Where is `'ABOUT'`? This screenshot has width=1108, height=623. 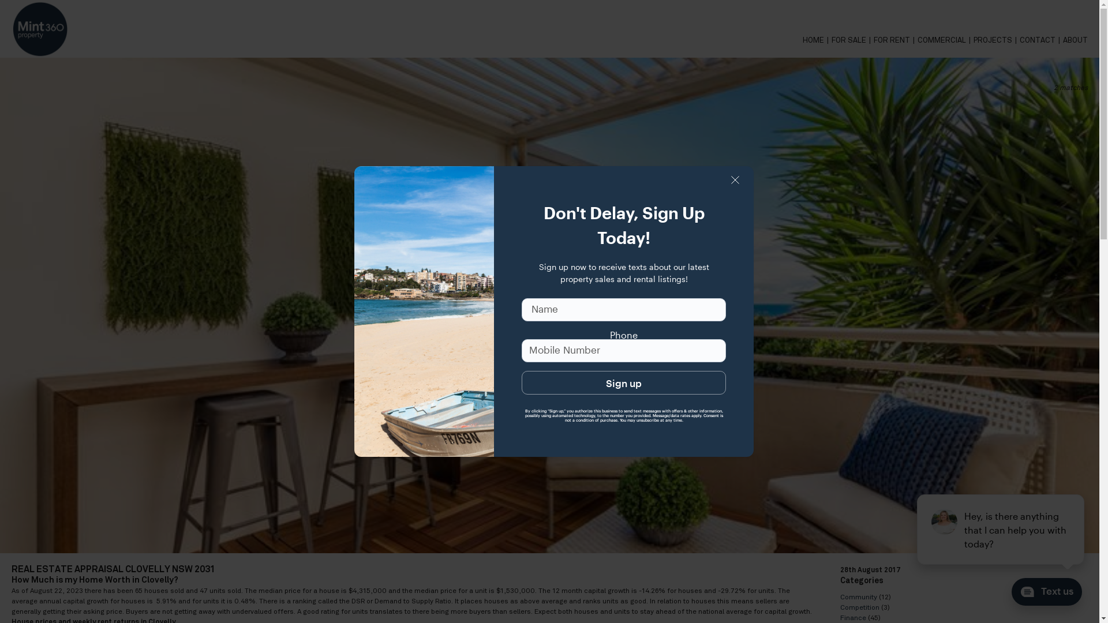
'ABOUT' is located at coordinates (1075, 39).